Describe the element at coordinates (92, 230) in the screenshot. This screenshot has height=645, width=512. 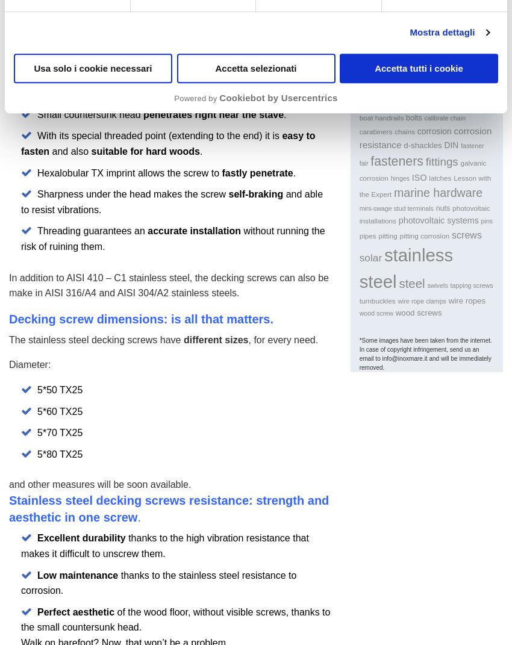
I see `'Threading guarantees an'` at that location.